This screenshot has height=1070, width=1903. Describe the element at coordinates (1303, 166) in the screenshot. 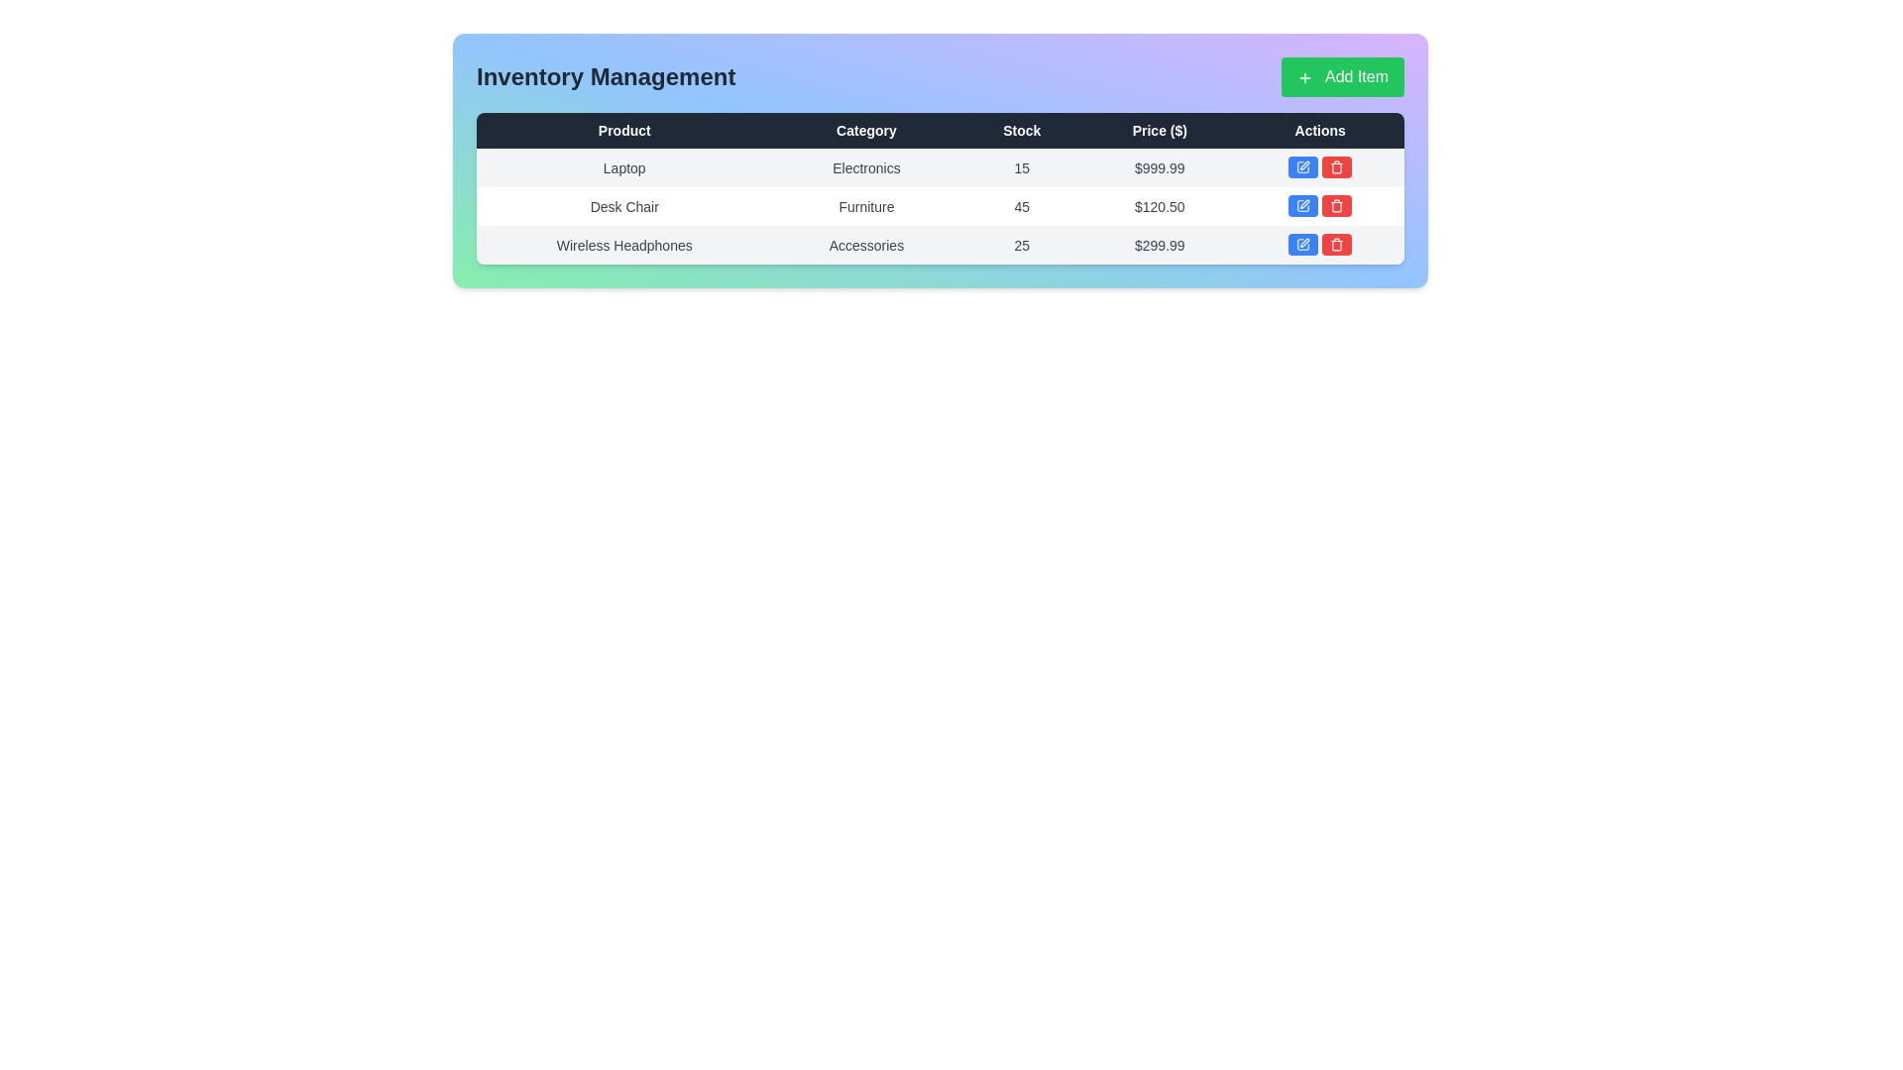

I see `the 'Edit' button for the 'Laptop' product located in the action column of the corresponding table row, positioned to the left of the red delete button` at that location.